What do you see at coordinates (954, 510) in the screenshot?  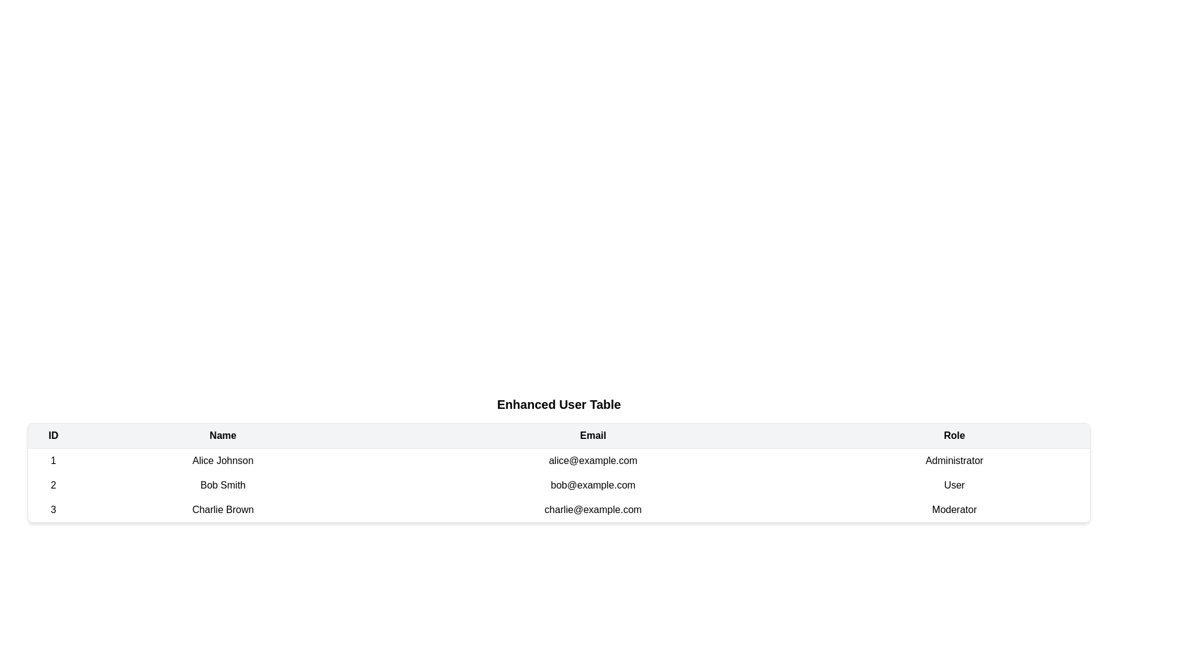 I see `the 'Moderator' label in the fourth position of the table, located in the third row under the 'Role' column, which indicates the designation of the user 'Charlie Brown'` at bounding box center [954, 510].